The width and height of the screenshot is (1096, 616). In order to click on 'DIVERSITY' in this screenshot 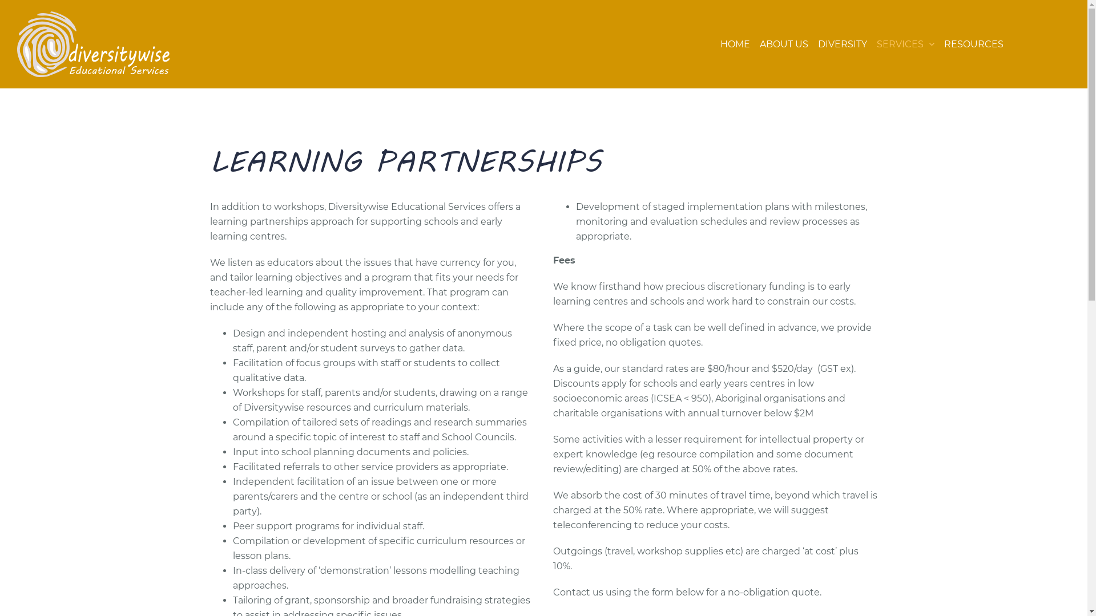, I will do `click(843, 43)`.